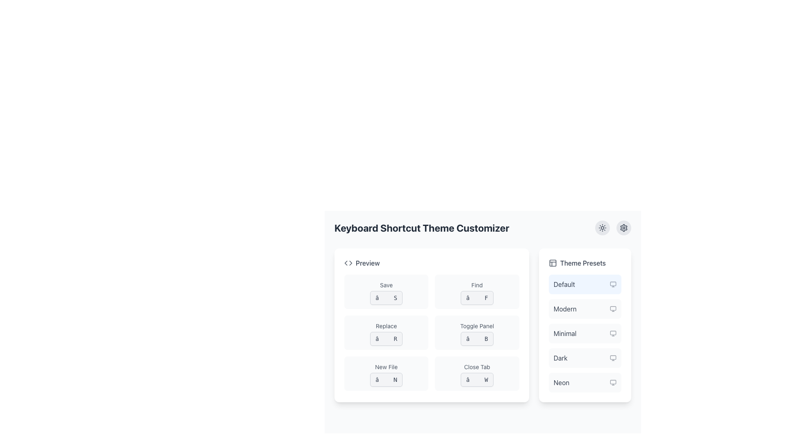 The image size is (787, 442). What do you see at coordinates (477, 326) in the screenshot?
I see `the static label or text component that provides a description for the button labeled '⌘ B' located in the second row, second column of the grid under the heading 'Preview'` at bounding box center [477, 326].